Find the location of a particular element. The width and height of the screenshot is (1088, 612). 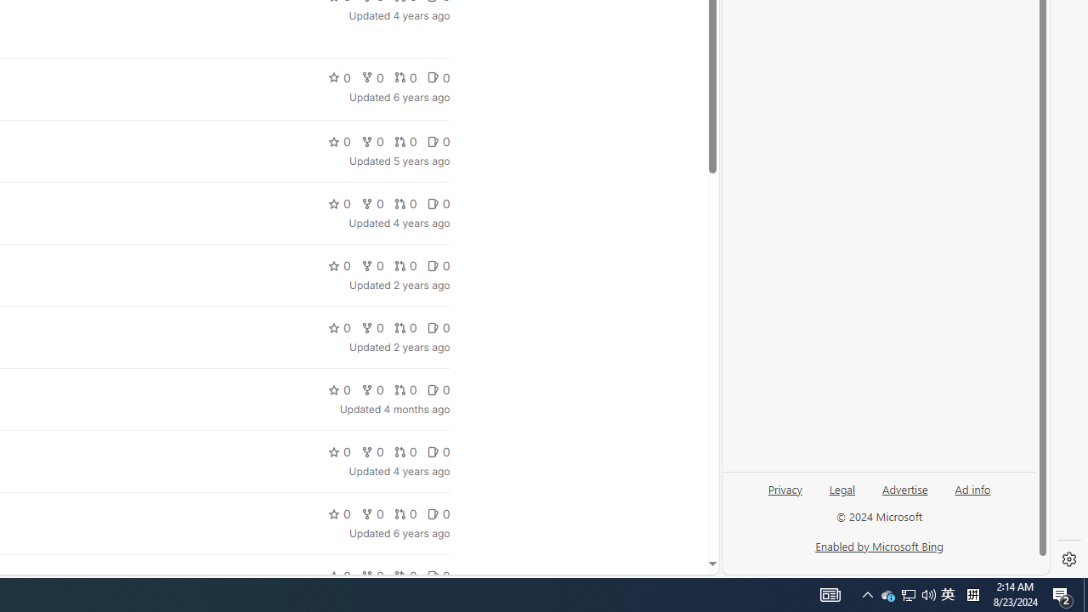

'Ad info' is located at coordinates (972, 496).